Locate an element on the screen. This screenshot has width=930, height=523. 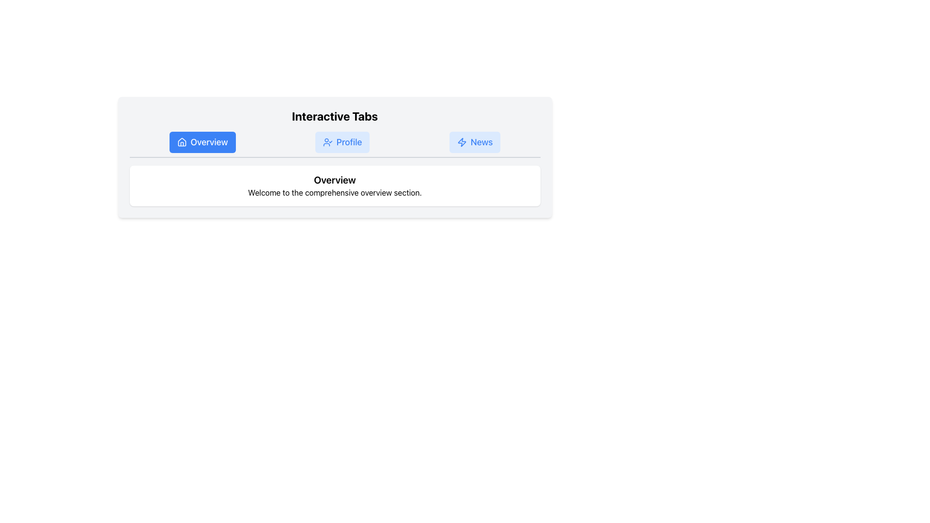
the 'News' tab button in the navigation bar is located at coordinates (475, 142).